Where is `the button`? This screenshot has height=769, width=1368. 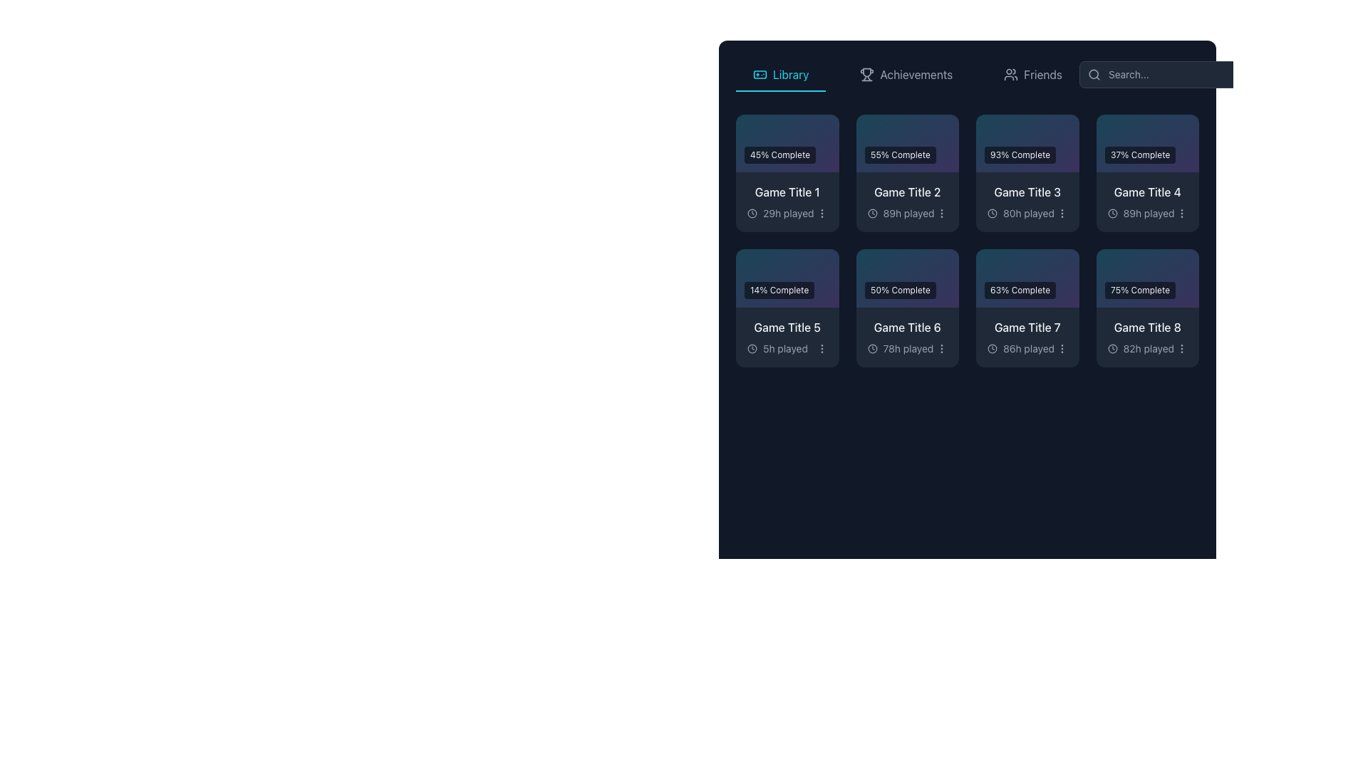 the button is located at coordinates (941, 348).